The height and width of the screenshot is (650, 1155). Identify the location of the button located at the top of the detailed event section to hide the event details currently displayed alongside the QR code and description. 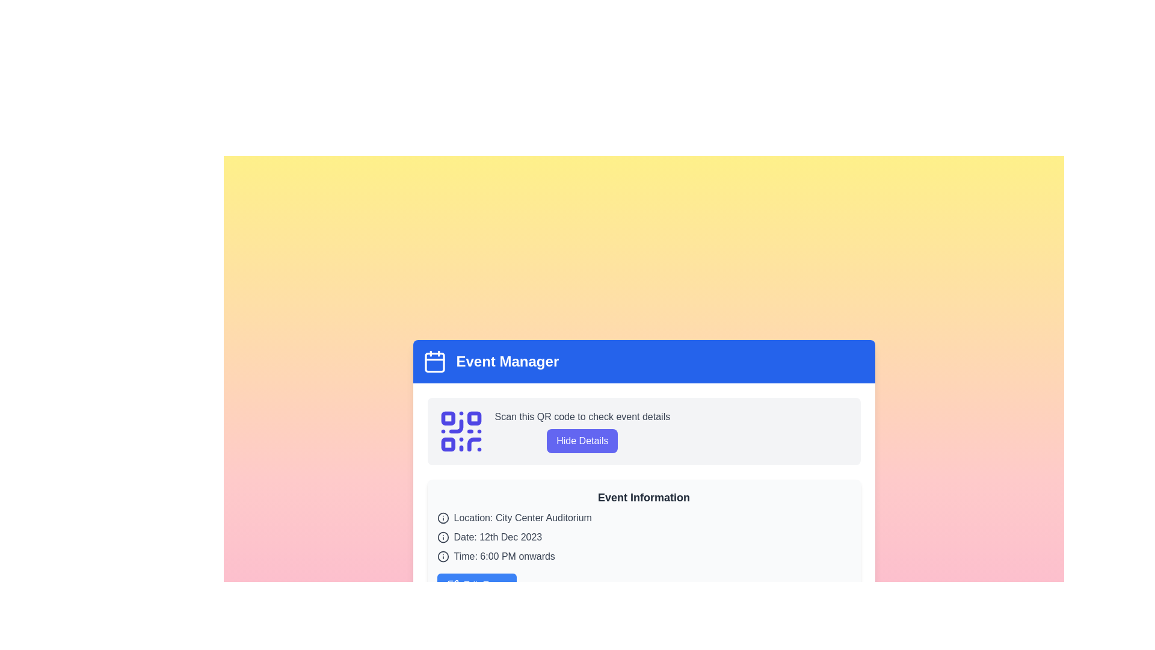
(553, 431).